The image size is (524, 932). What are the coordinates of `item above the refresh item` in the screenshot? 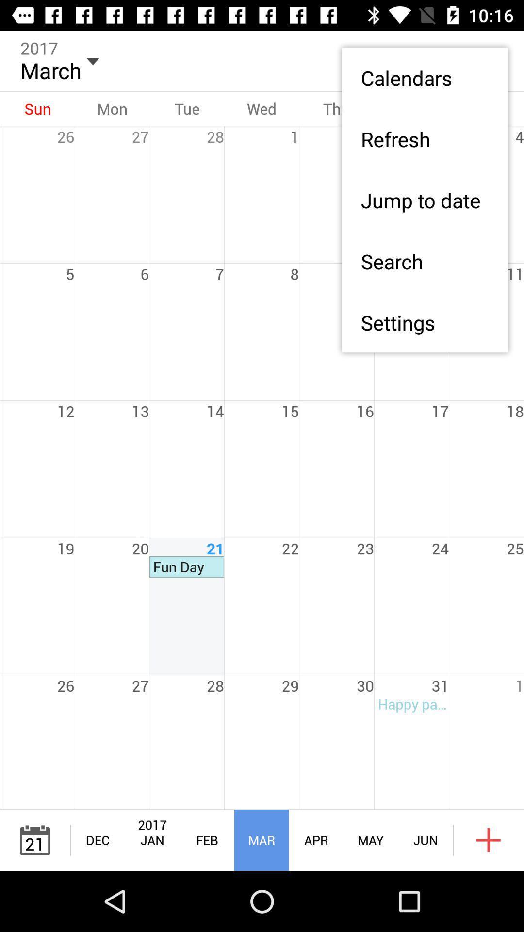 It's located at (424, 78).